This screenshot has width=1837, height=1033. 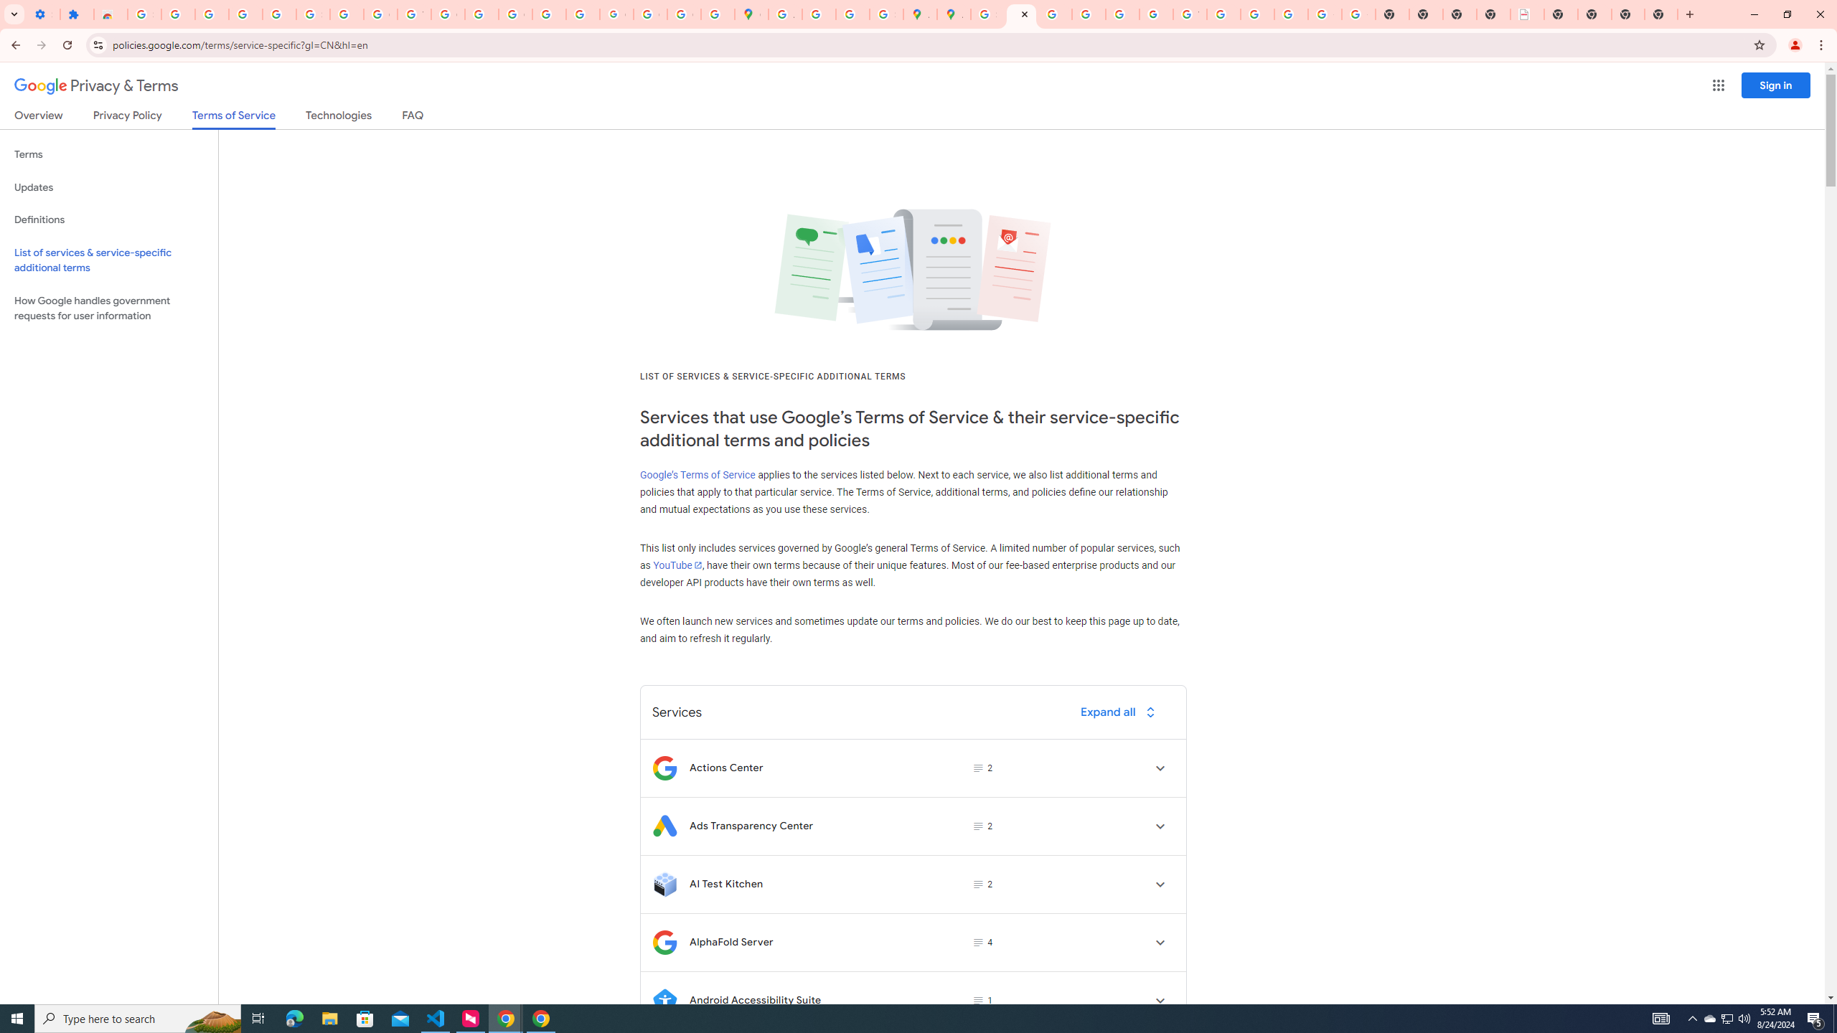 What do you see at coordinates (664, 942) in the screenshot?
I see `'Logo for AlphaFold Server'` at bounding box center [664, 942].